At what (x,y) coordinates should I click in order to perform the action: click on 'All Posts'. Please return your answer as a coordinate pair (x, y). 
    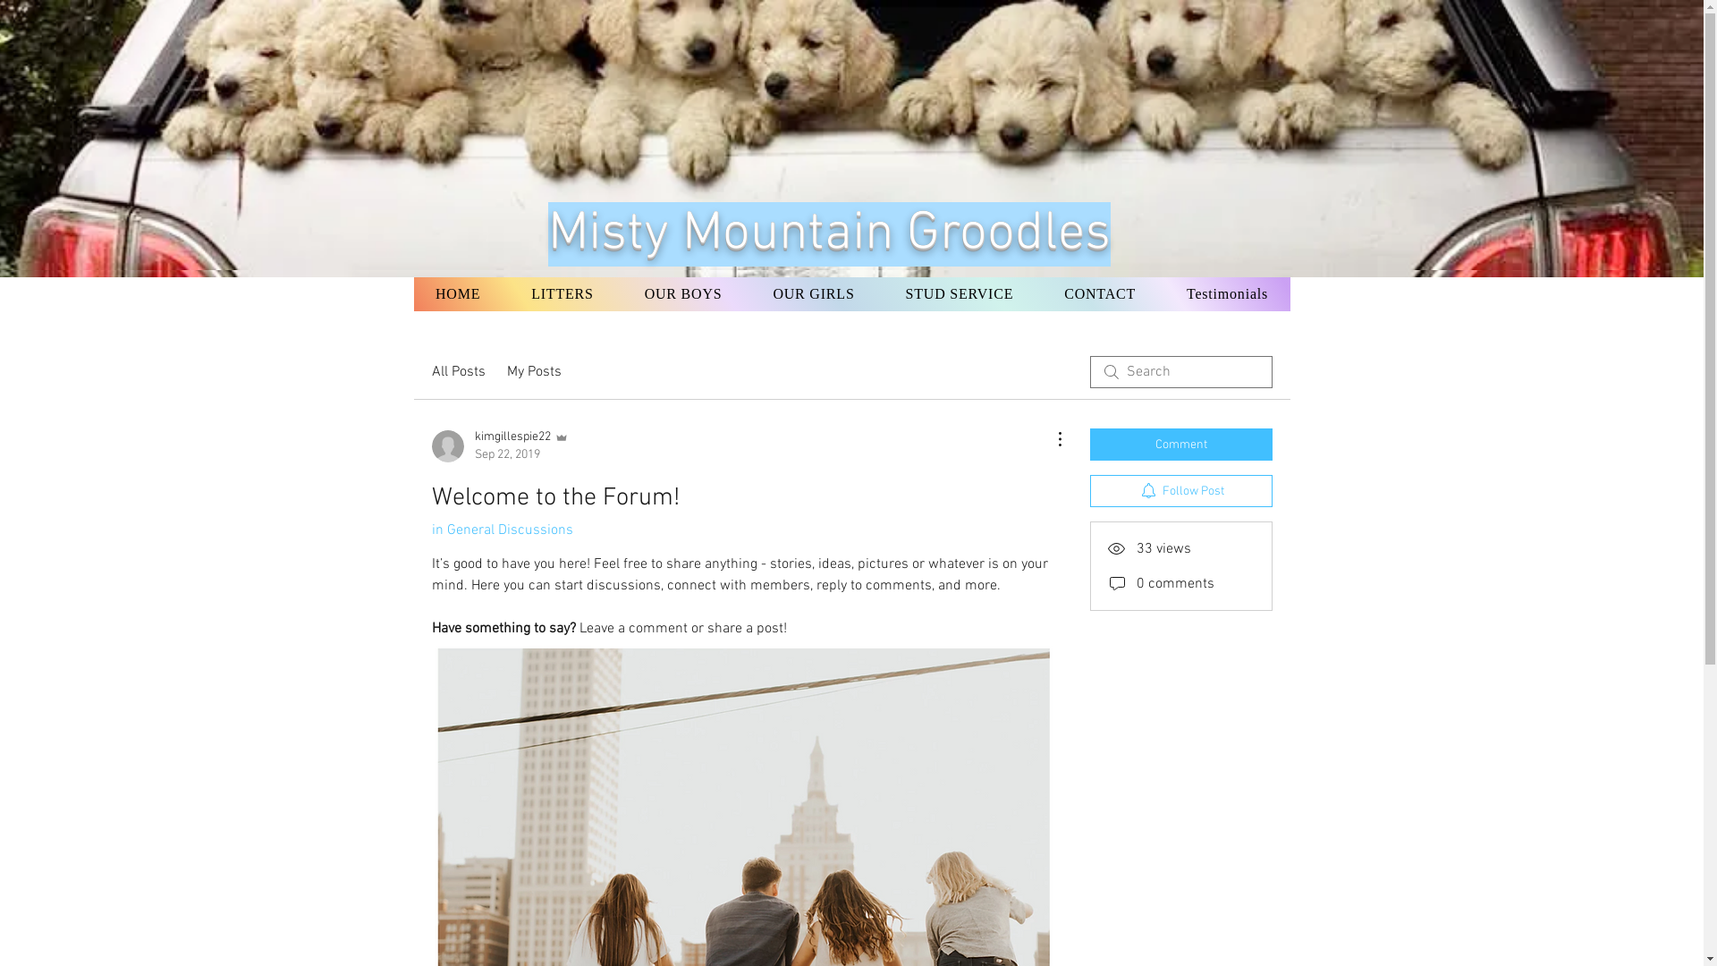
    Looking at the image, I should click on (458, 371).